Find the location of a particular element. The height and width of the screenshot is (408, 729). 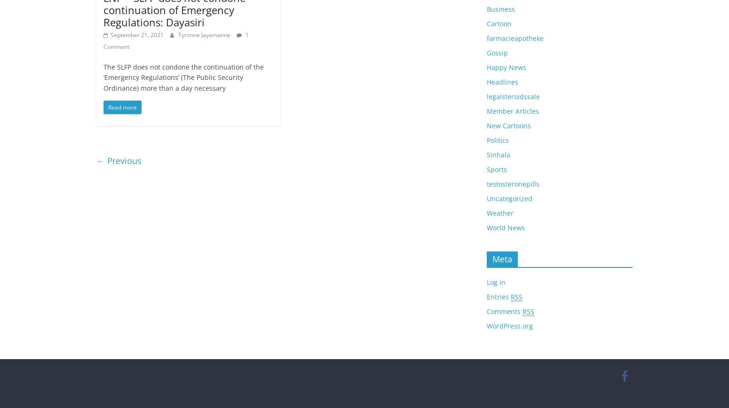

'WordPress.org' is located at coordinates (486, 326).